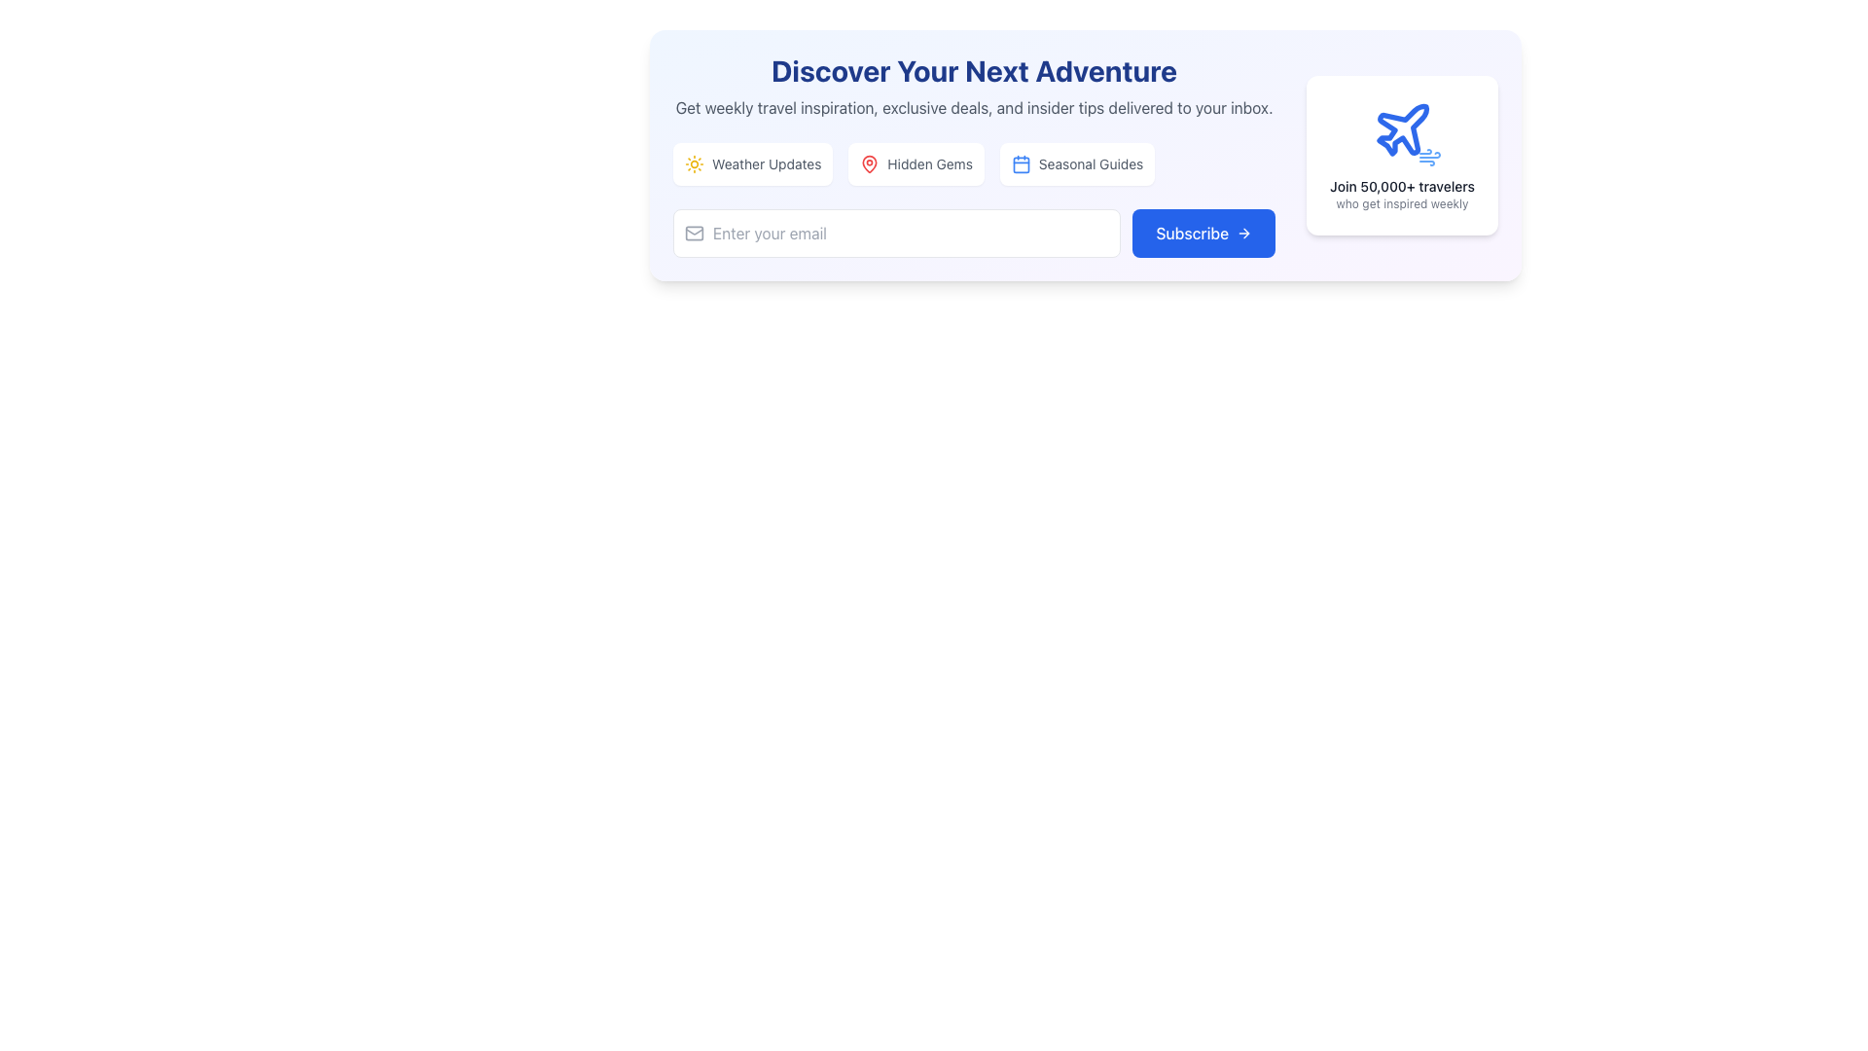  What do you see at coordinates (916, 163) in the screenshot?
I see `the 'Hidden Gems' button, which is centrally located among three buttons below the main heading` at bounding box center [916, 163].